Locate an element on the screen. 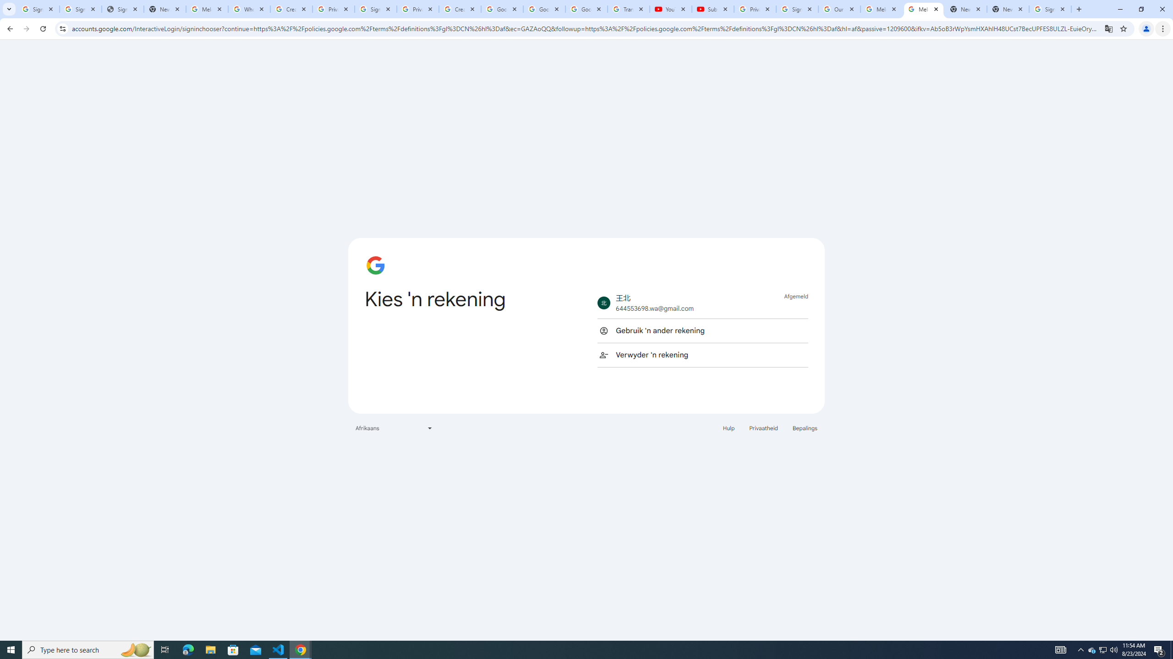  'Sign in - Google Accounts' is located at coordinates (1050, 9).